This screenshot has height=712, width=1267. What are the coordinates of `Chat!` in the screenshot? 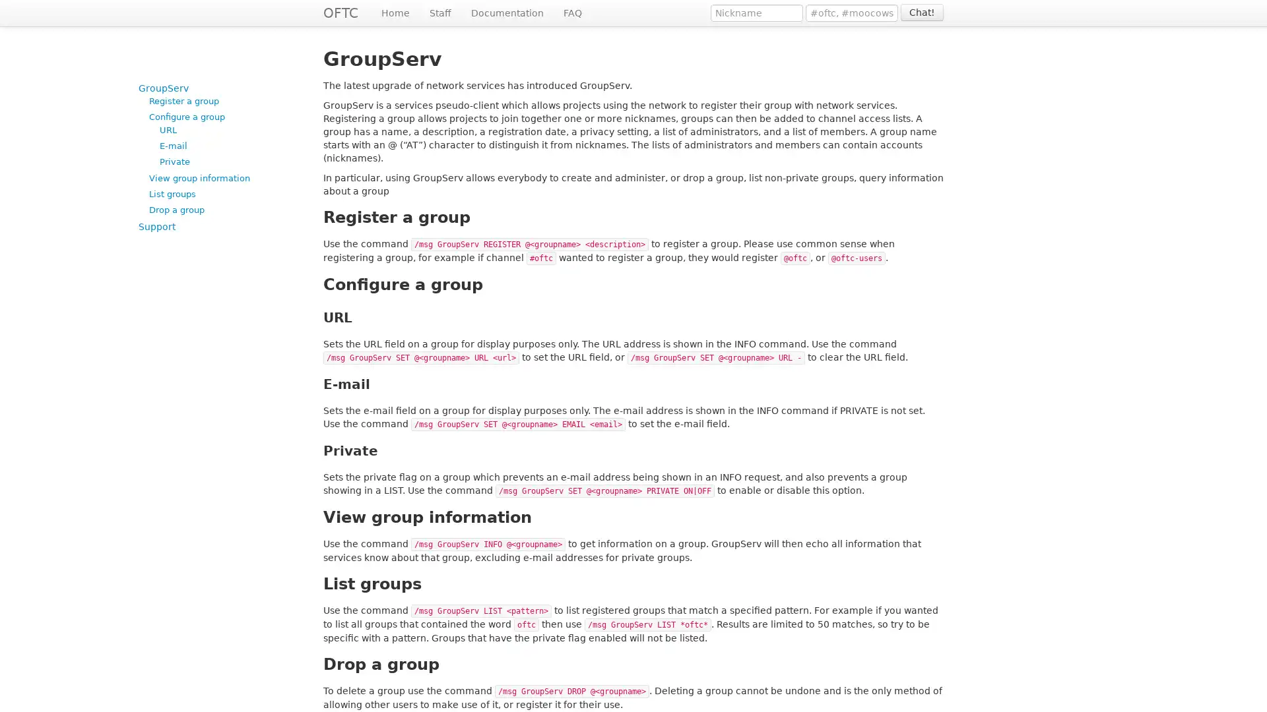 It's located at (921, 13).